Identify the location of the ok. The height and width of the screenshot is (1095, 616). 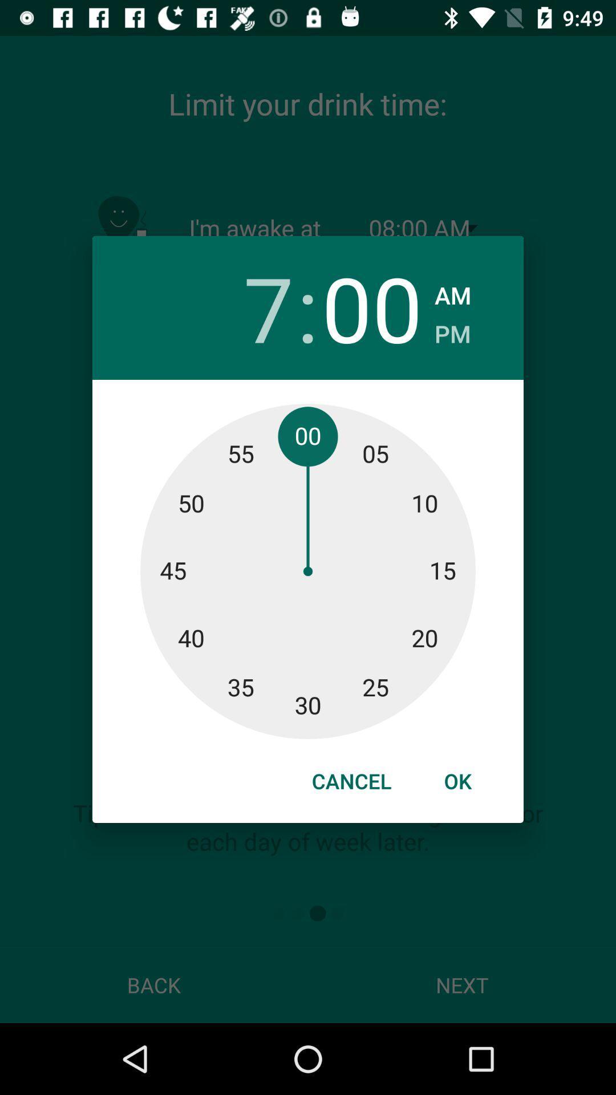
(457, 780).